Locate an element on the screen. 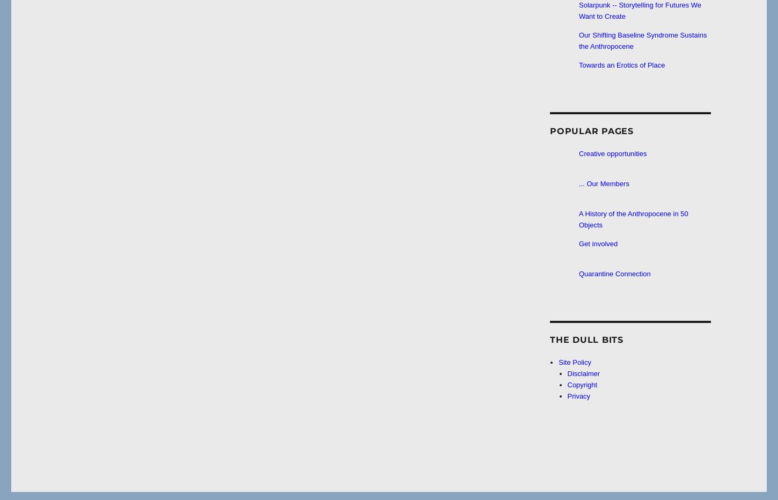  'The dull bits' is located at coordinates (586, 339).